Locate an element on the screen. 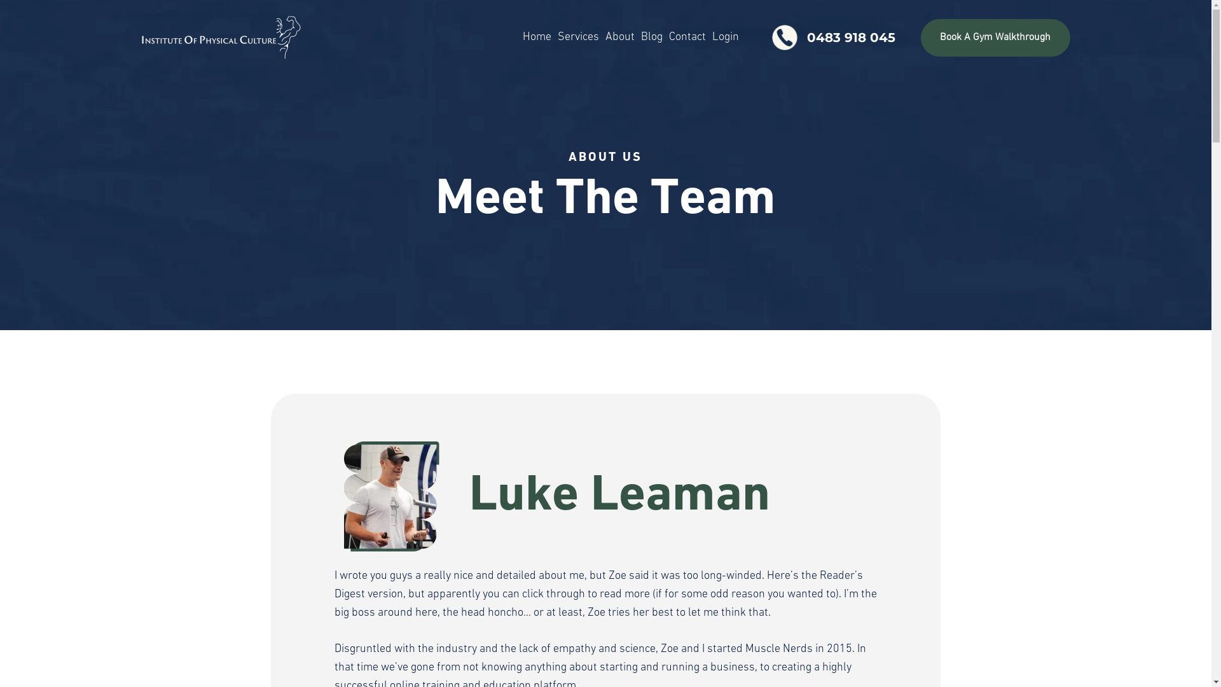  'Book A Gym Walkthrough' is located at coordinates (994, 37).